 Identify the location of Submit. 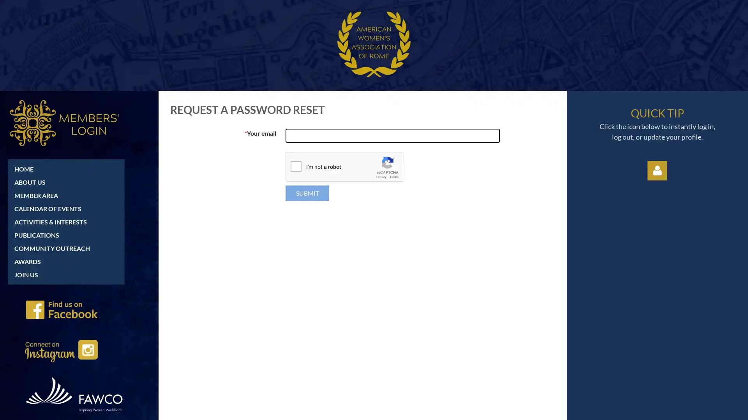
(307, 193).